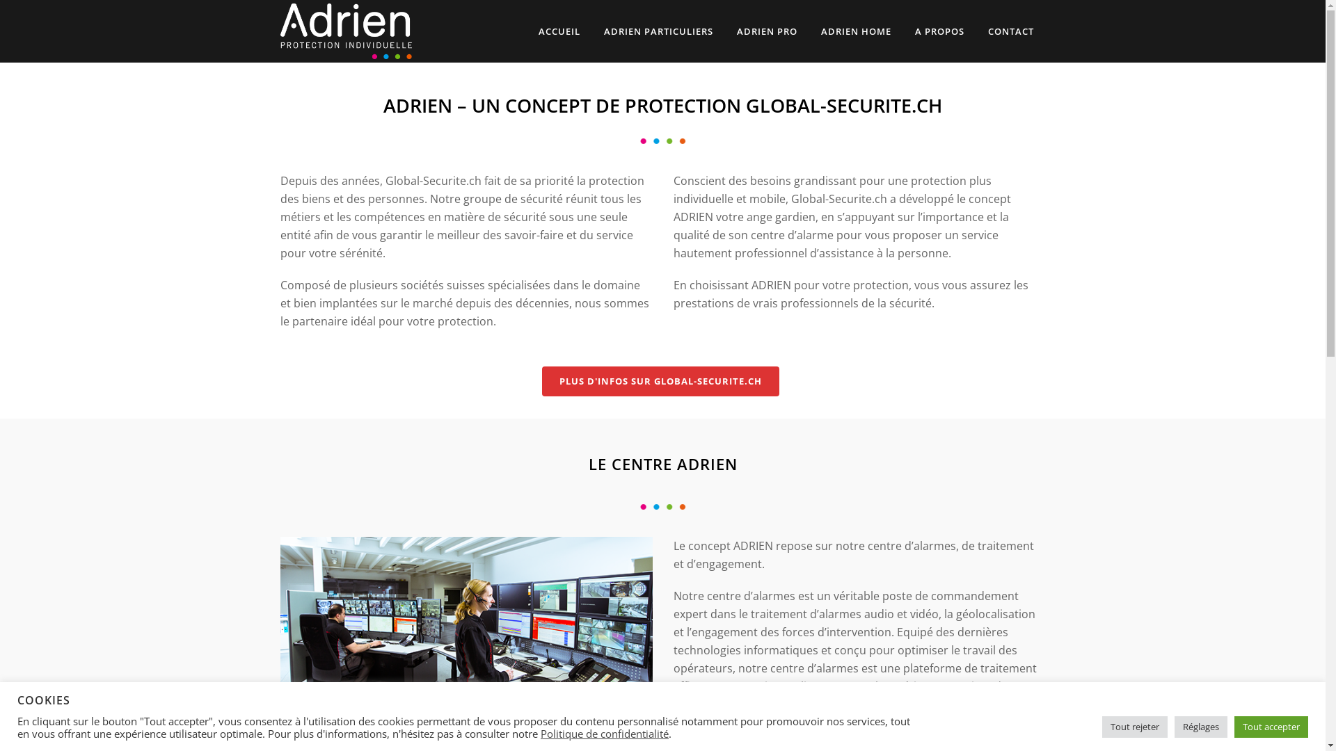 This screenshot has height=751, width=1336. What do you see at coordinates (902, 31) in the screenshot?
I see `'A PROPOS'` at bounding box center [902, 31].